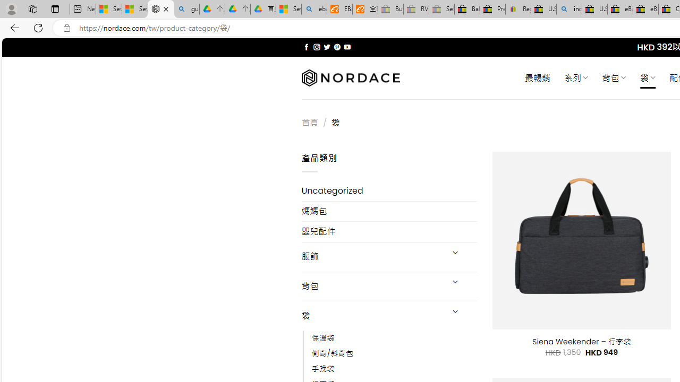  What do you see at coordinates (326, 47) in the screenshot?
I see `'Follow on Twitter'` at bounding box center [326, 47].